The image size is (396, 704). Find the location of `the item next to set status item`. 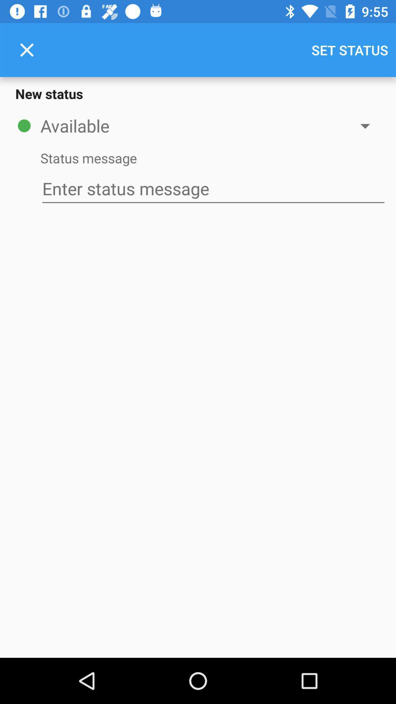

the item next to set status item is located at coordinates (26, 49).